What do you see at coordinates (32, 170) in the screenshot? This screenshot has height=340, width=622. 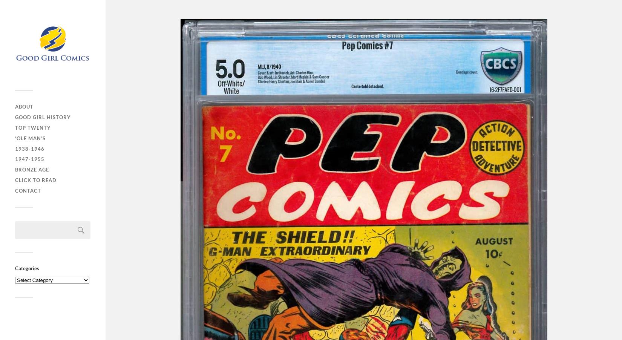 I see `'Bronze Age'` at bounding box center [32, 170].